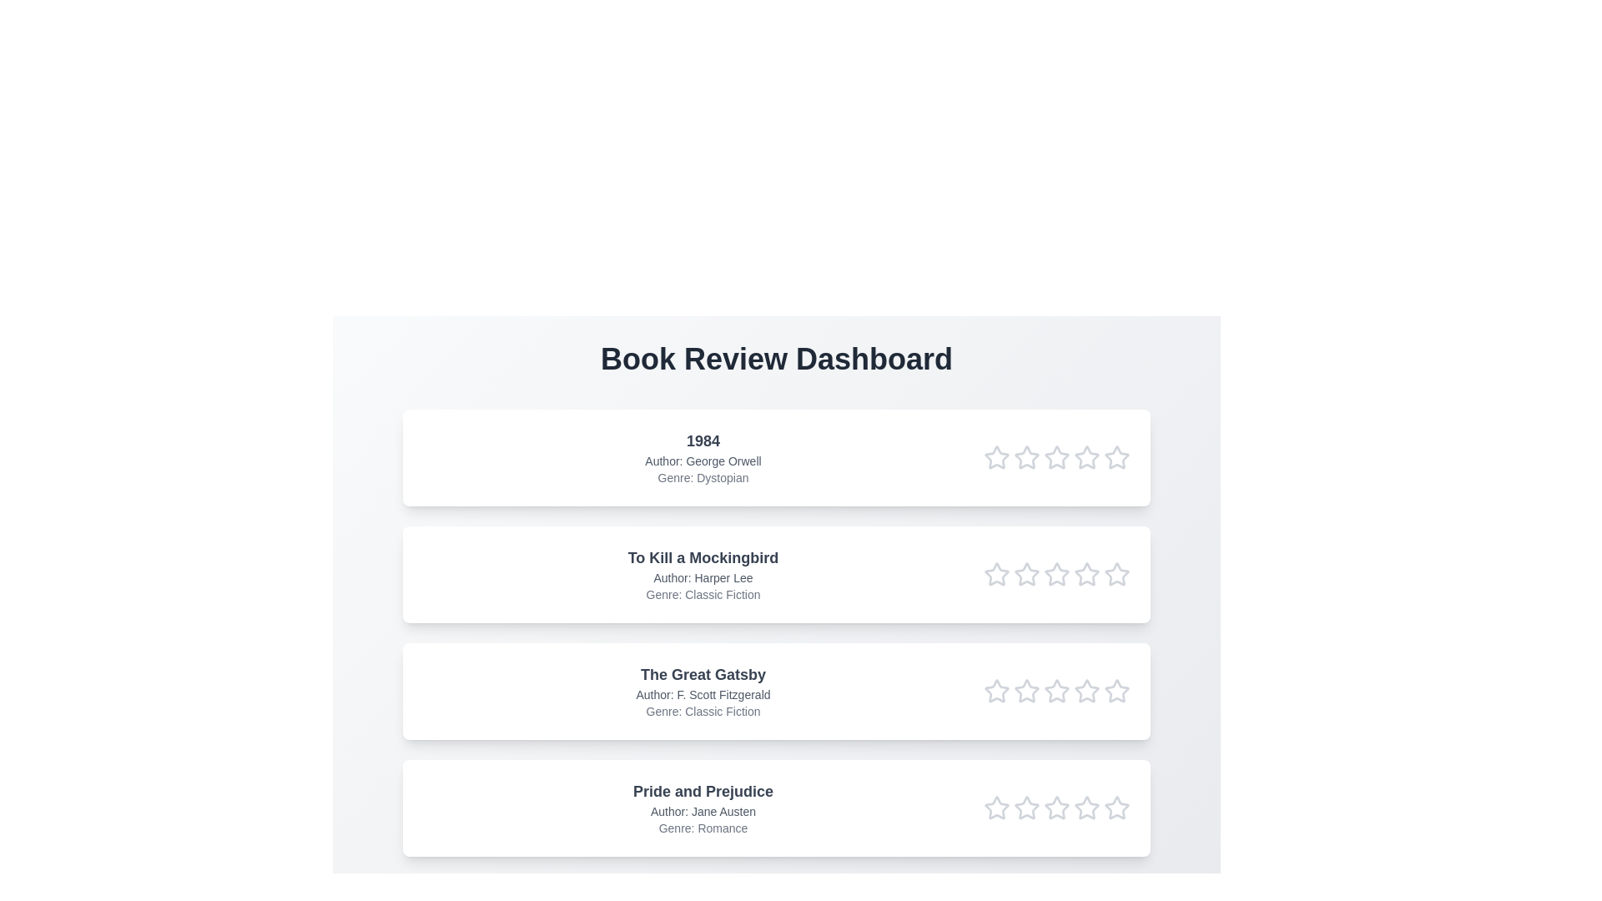 This screenshot has width=1602, height=901. Describe the element at coordinates (1117, 457) in the screenshot. I see `the rating of the book '1984' to 5 stars by clicking on the respective star` at that location.